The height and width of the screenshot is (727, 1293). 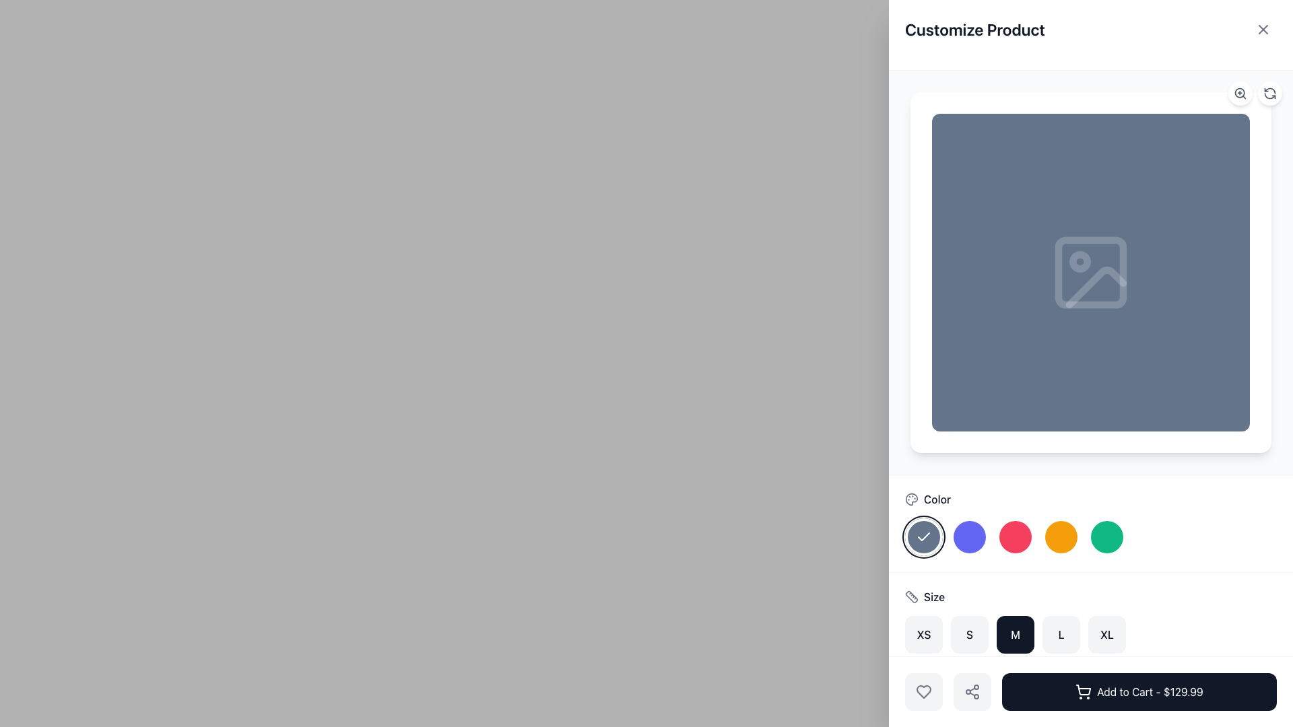 I want to click on the third circular color selection button labeled 'Color', so click(x=1015, y=536).